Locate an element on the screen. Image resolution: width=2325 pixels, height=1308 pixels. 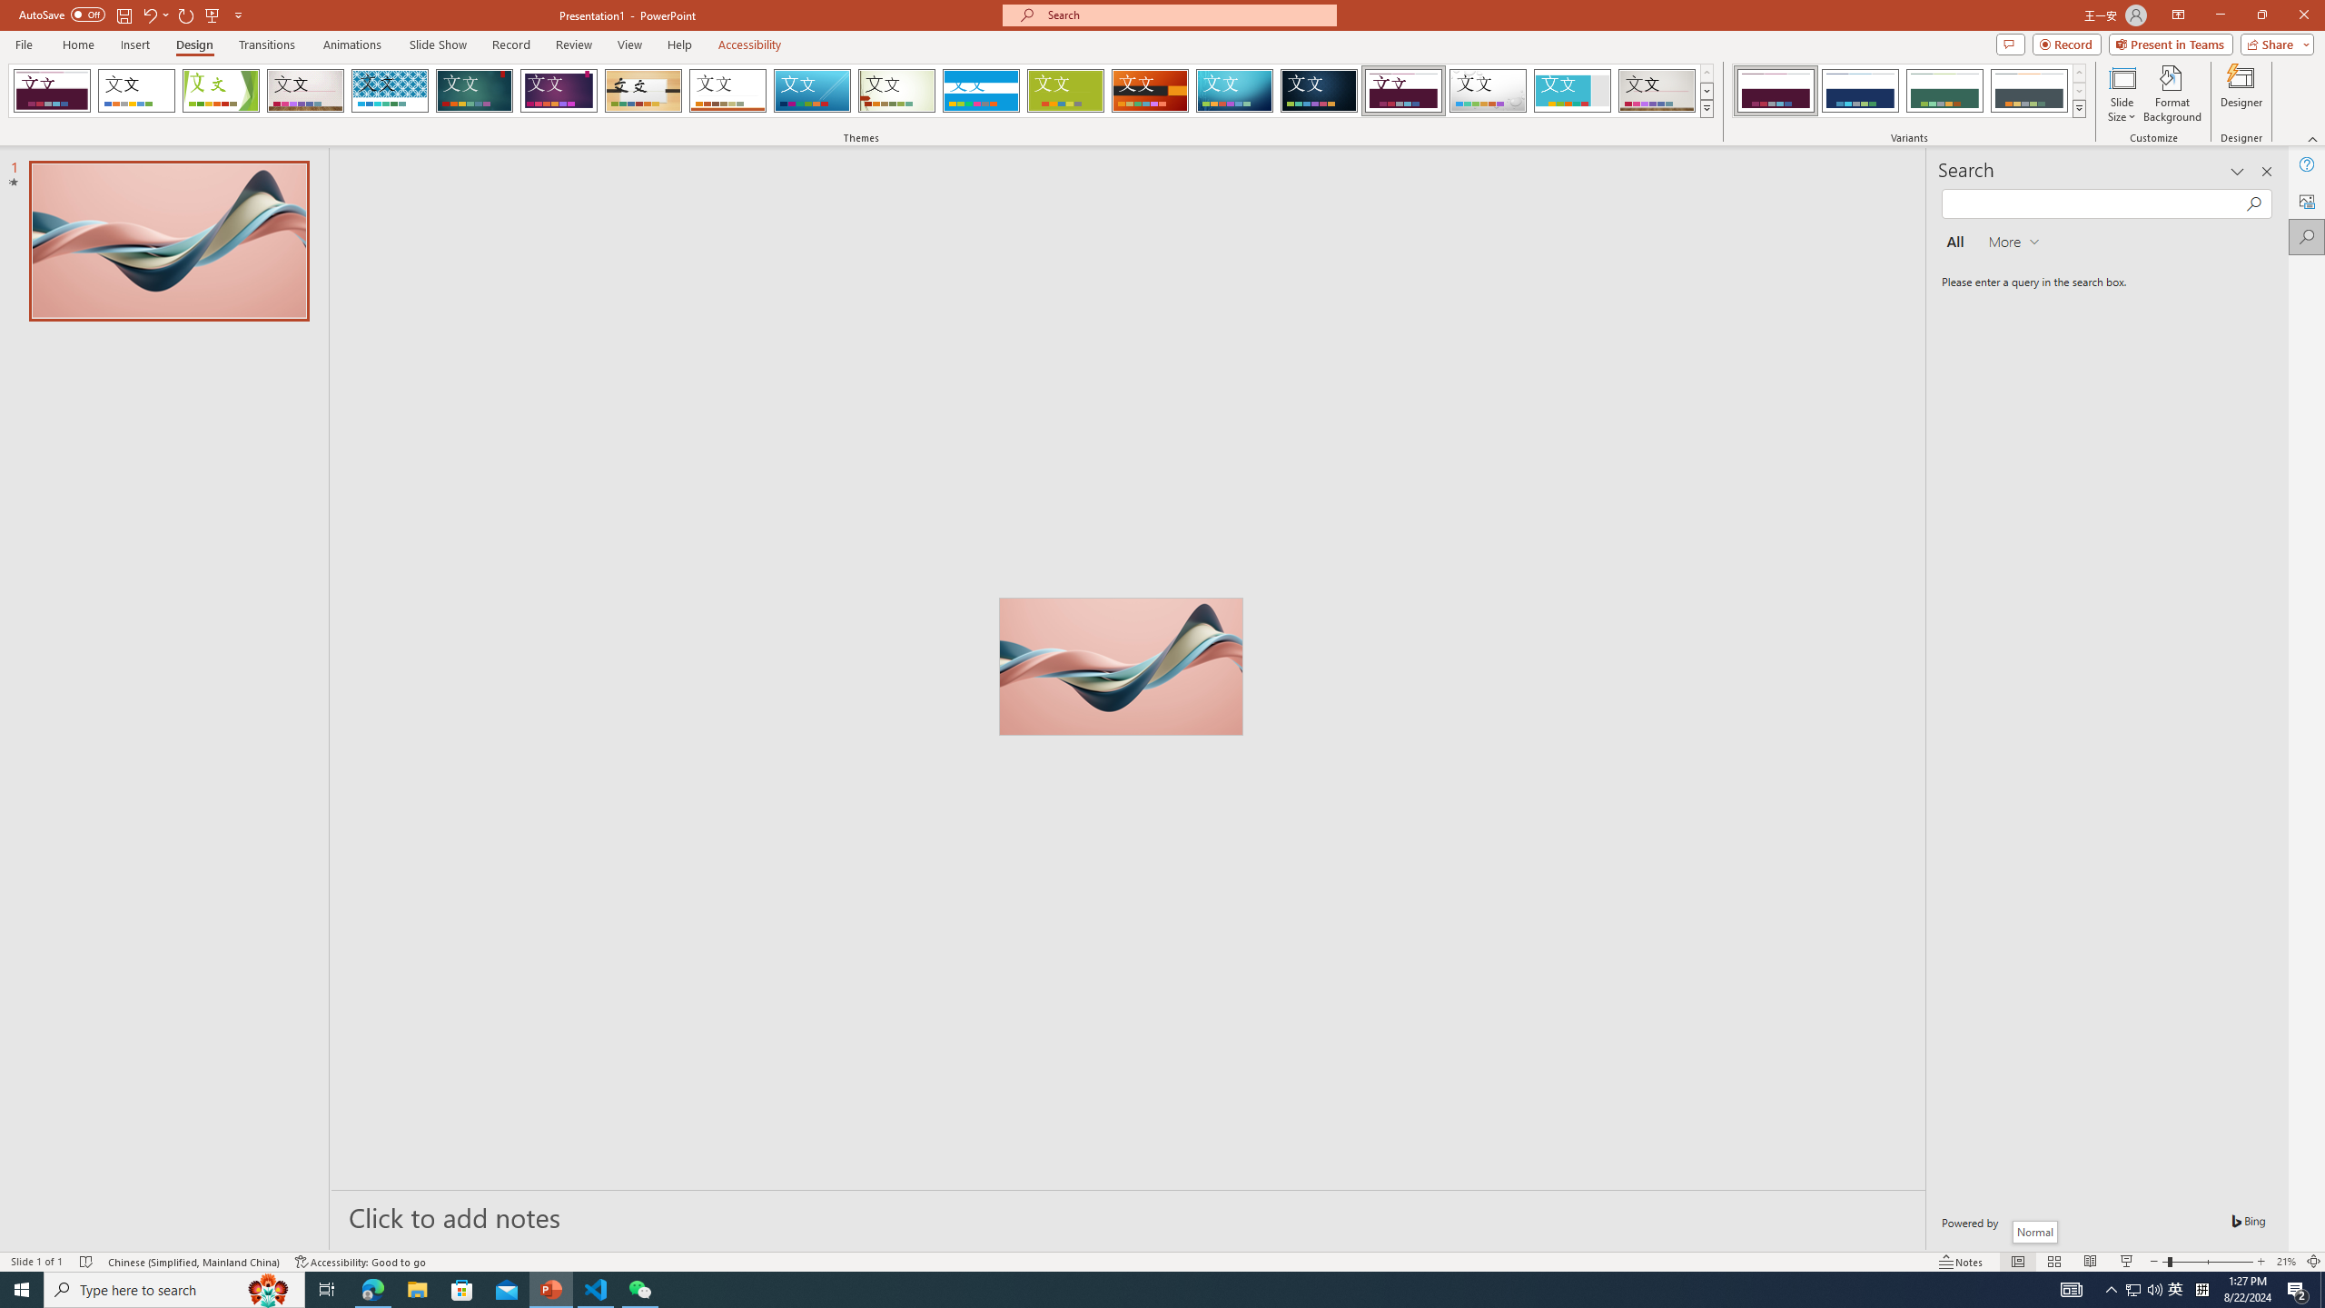
'Droplet' is located at coordinates (1488, 90).